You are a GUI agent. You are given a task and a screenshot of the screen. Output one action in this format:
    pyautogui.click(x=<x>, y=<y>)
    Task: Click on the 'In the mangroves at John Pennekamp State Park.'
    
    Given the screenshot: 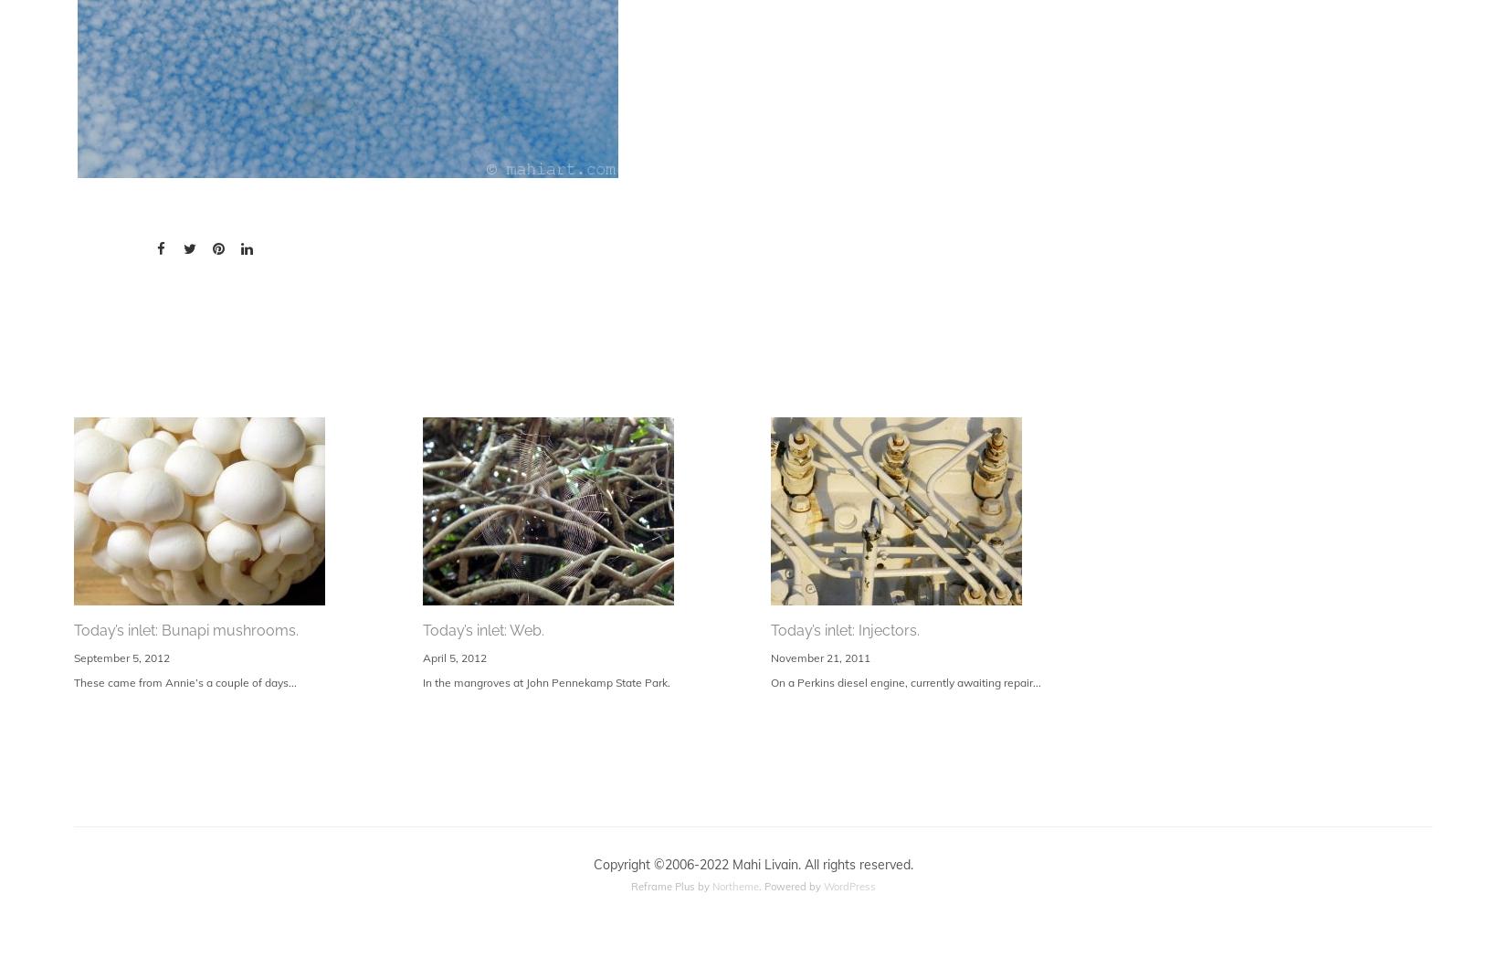 What is the action you would take?
    pyautogui.click(x=544, y=681)
    